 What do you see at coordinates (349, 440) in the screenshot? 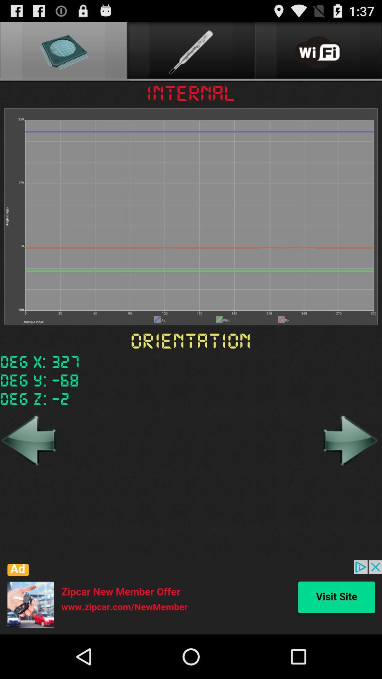
I see `forward` at bounding box center [349, 440].